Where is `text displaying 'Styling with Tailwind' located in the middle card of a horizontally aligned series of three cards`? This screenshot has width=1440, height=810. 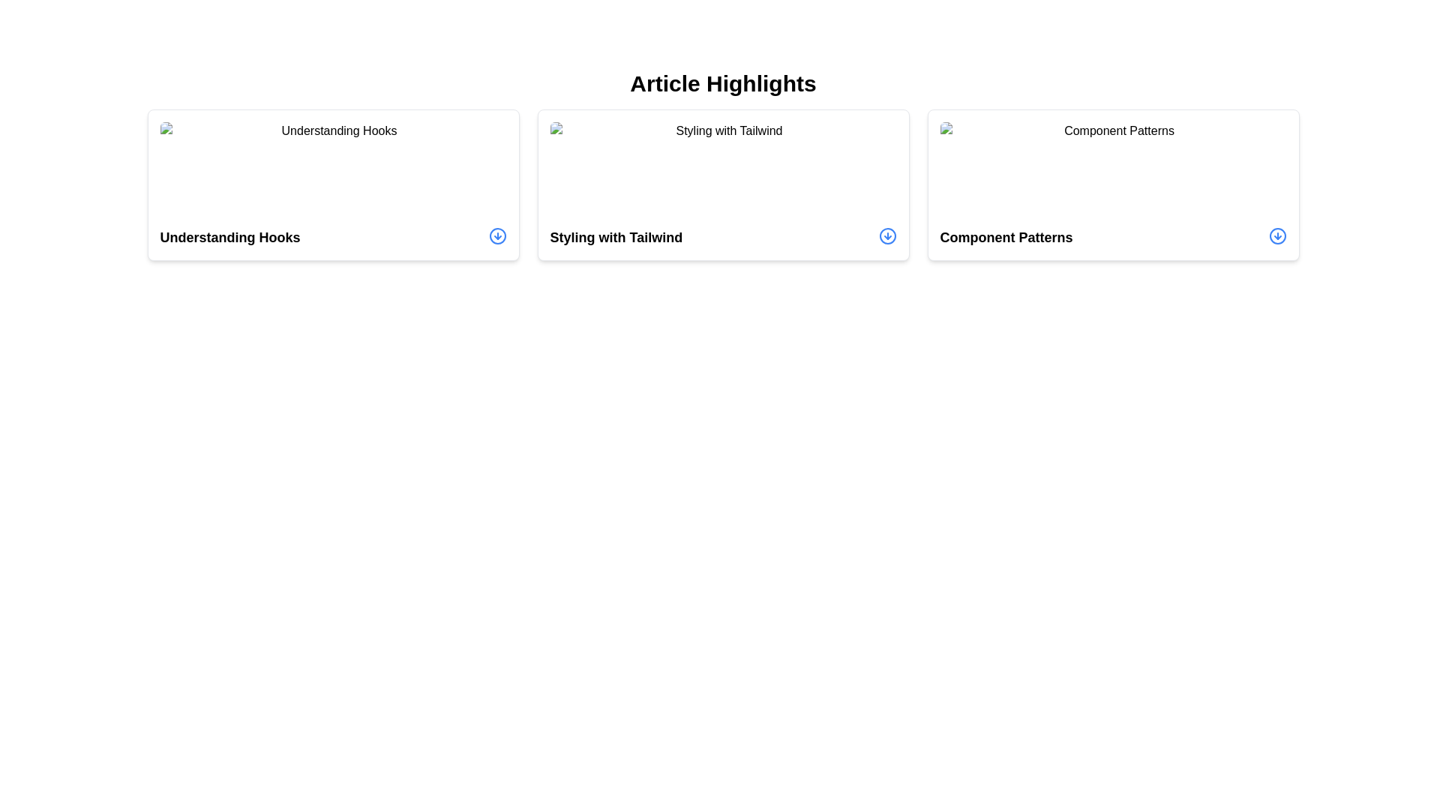 text displaying 'Styling with Tailwind' located in the middle card of a horizontally aligned series of three cards is located at coordinates (616, 236).